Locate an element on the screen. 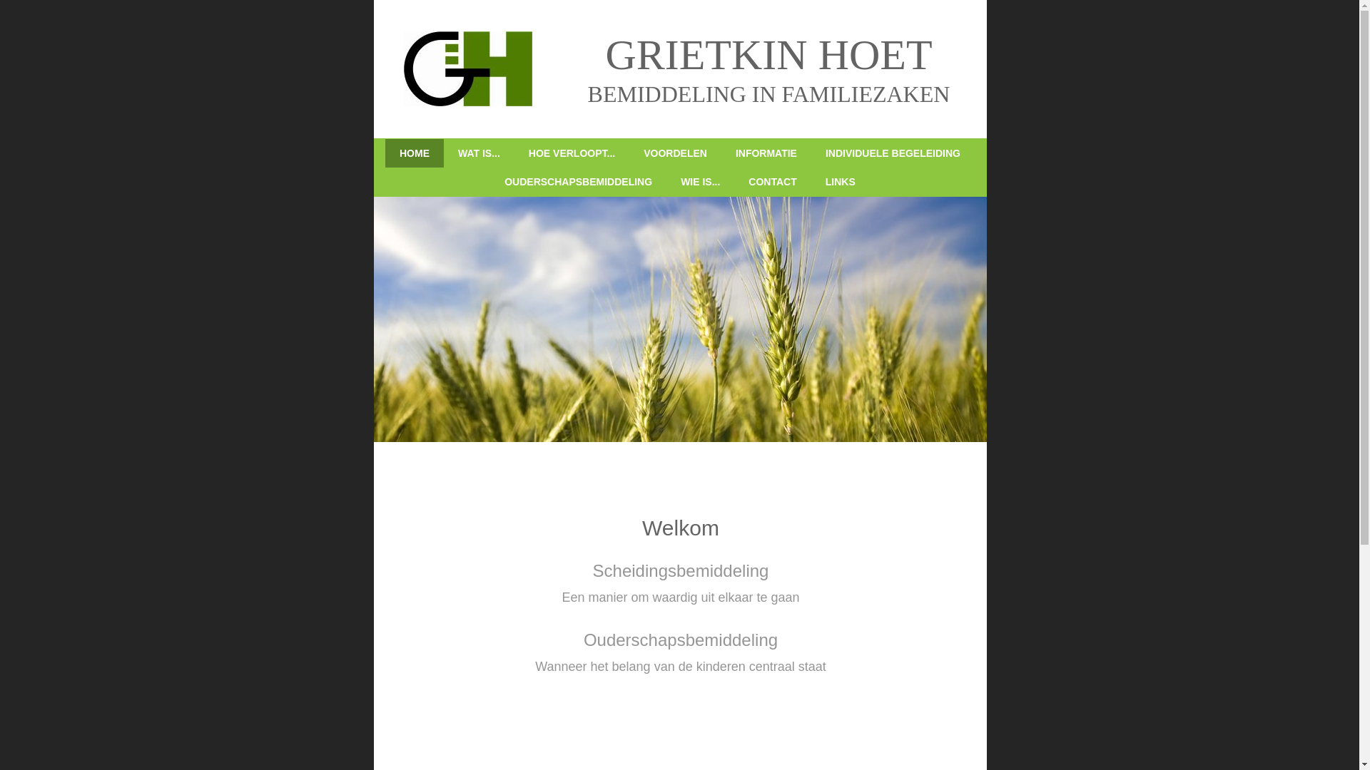 The height and width of the screenshot is (770, 1370). 'VOORDELEN' is located at coordinates (629, 153).